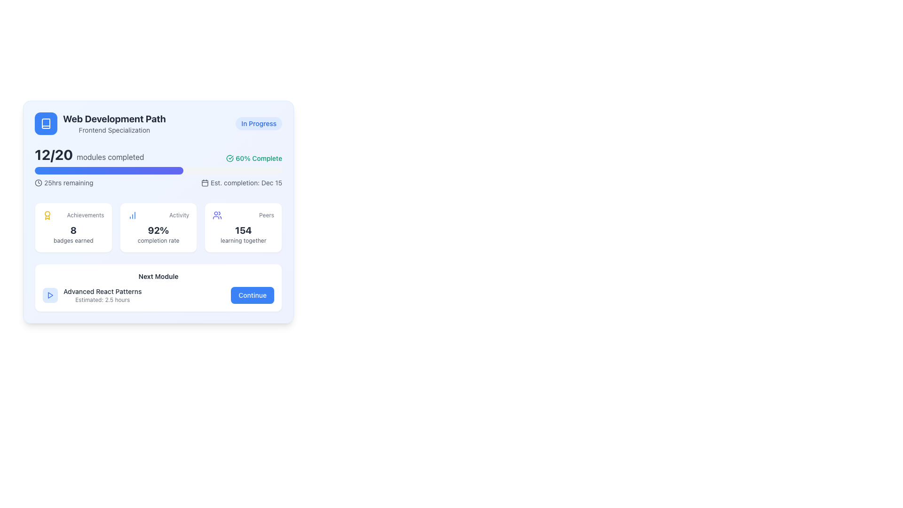 The width and height of the screenshot is (903, 508). Describe the element at coordinates (47, 214) in the screenshot. I see `the circular icon with a yellow border and white interior, located near the text 'Achievements' in the top left section of the widget card` at that location.